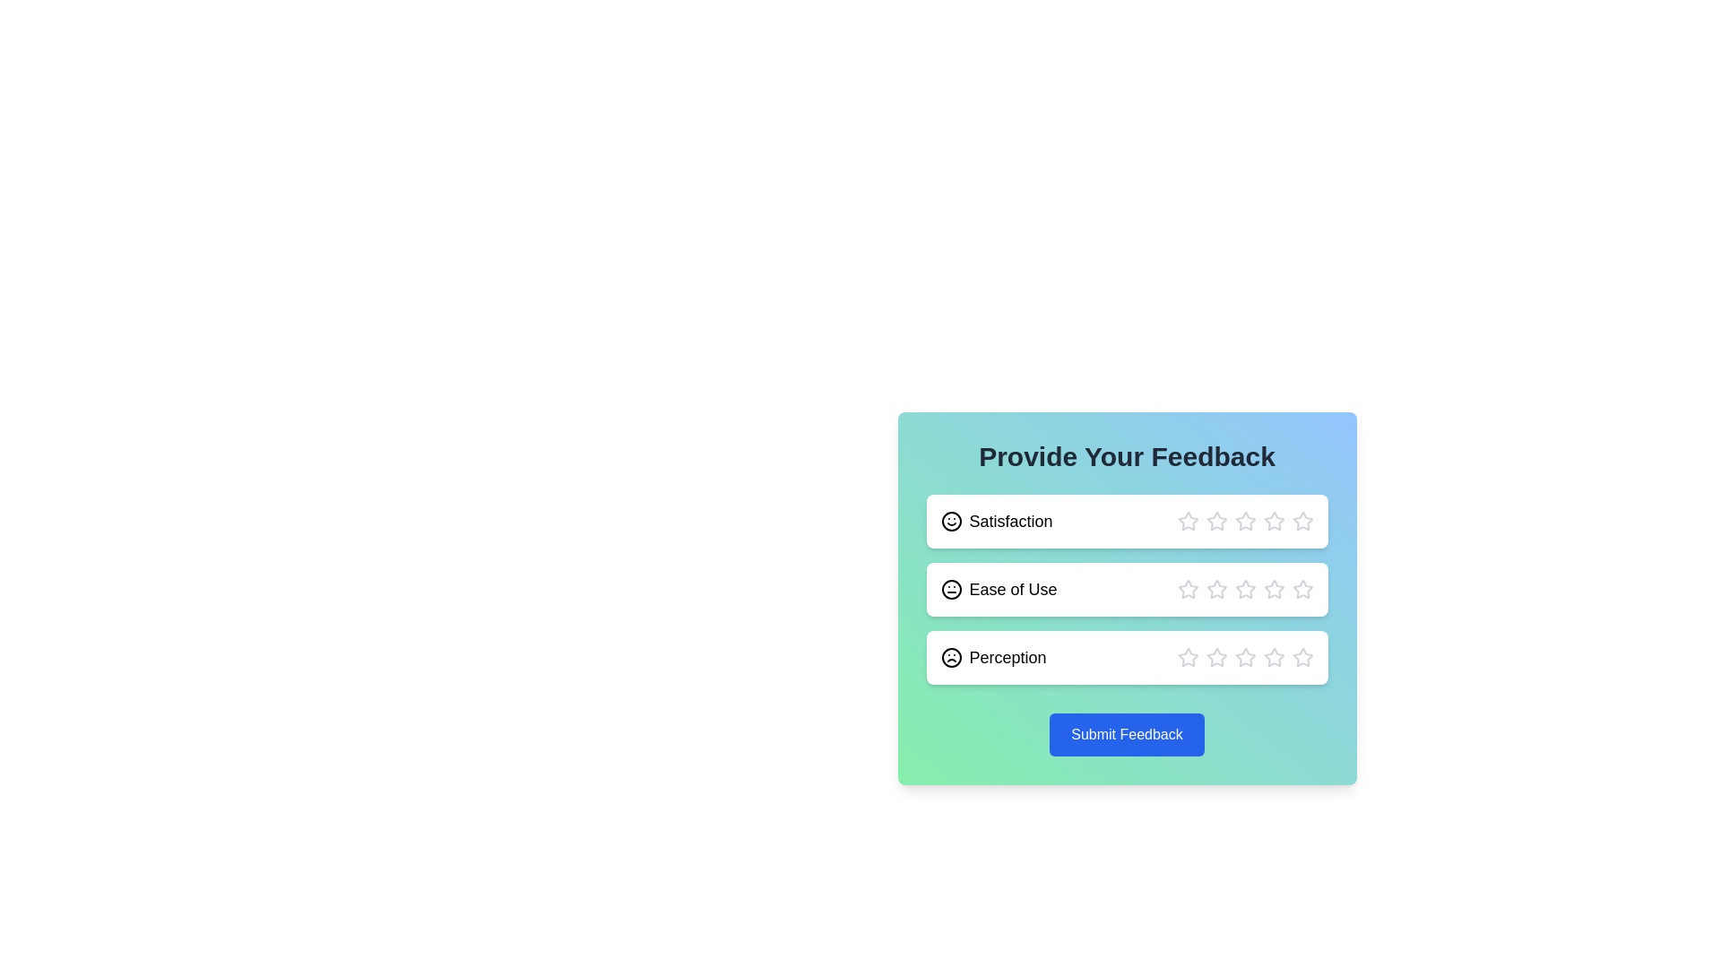 The image size is (1721, 968). Describe the element at coordinates (1126, 735) in the screenshot. I see `the 'Submit Feedback' button` at that location.